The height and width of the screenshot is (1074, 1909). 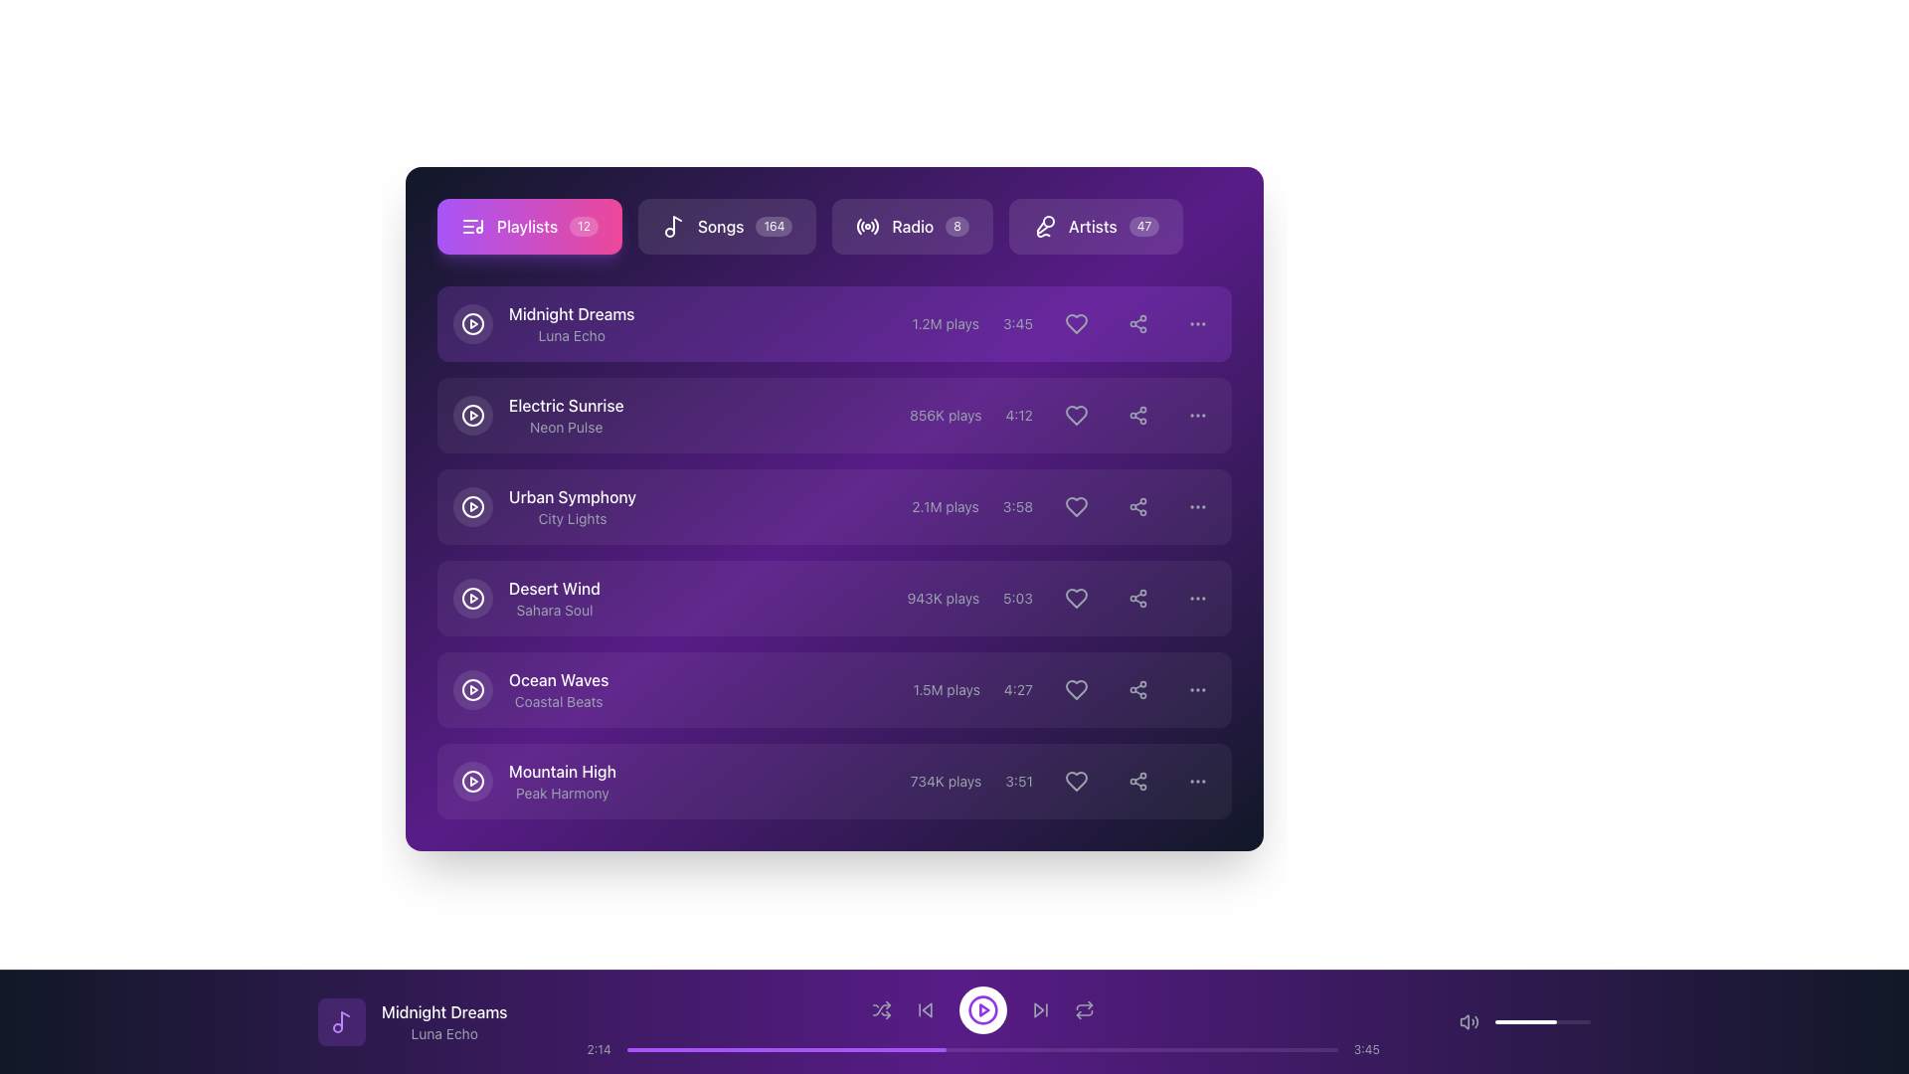 I want to click on the heart icon located at the rightmost area of the 'Desert Wind' song entry in the playlist interface to mark or unmark it as a favorite, so click(x=1076, y=597).